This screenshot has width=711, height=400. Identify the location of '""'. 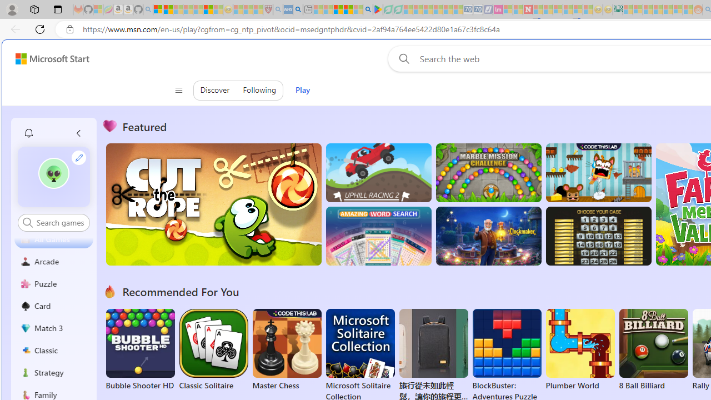
(53, 176).